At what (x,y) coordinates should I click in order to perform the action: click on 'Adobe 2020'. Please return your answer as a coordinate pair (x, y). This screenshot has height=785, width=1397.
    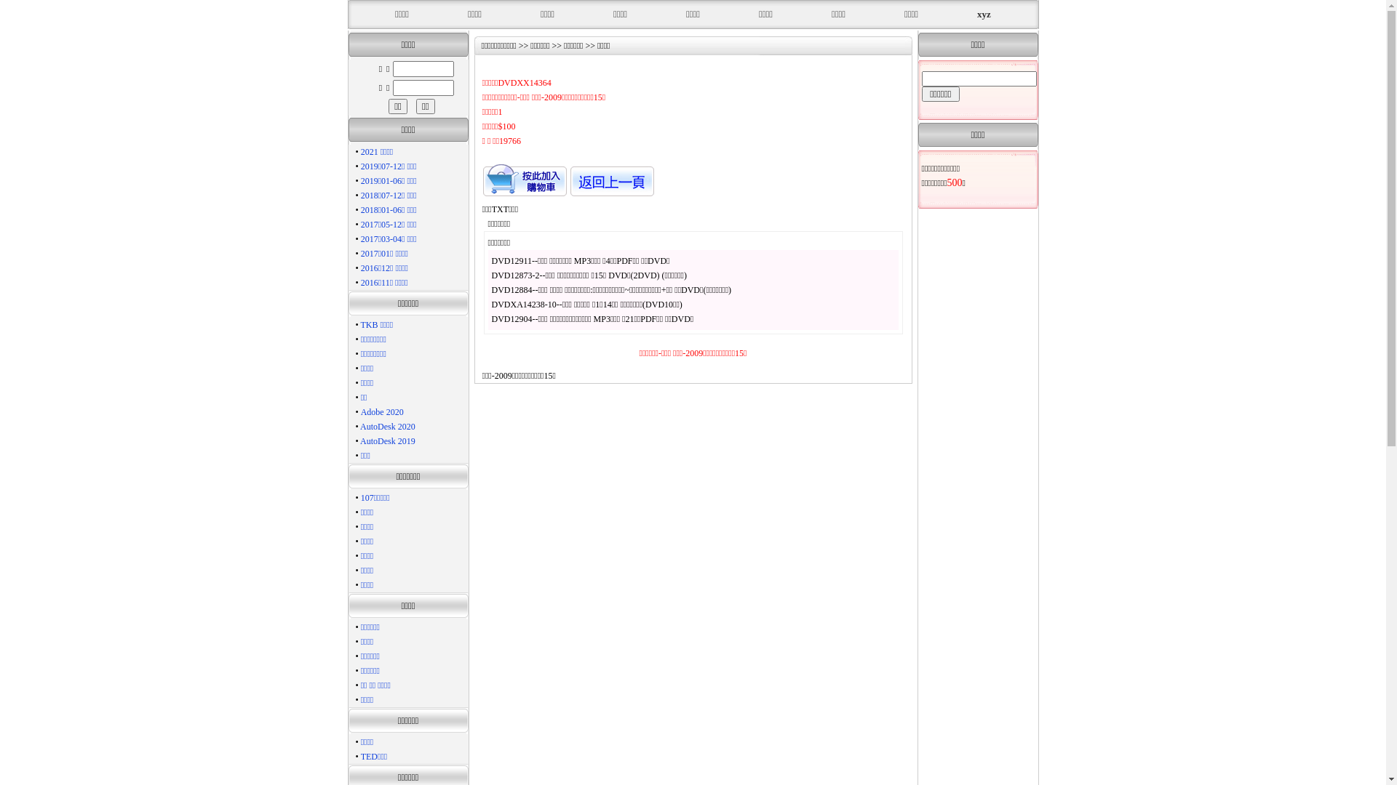
    Looking at the image, I should click on (382, 412).